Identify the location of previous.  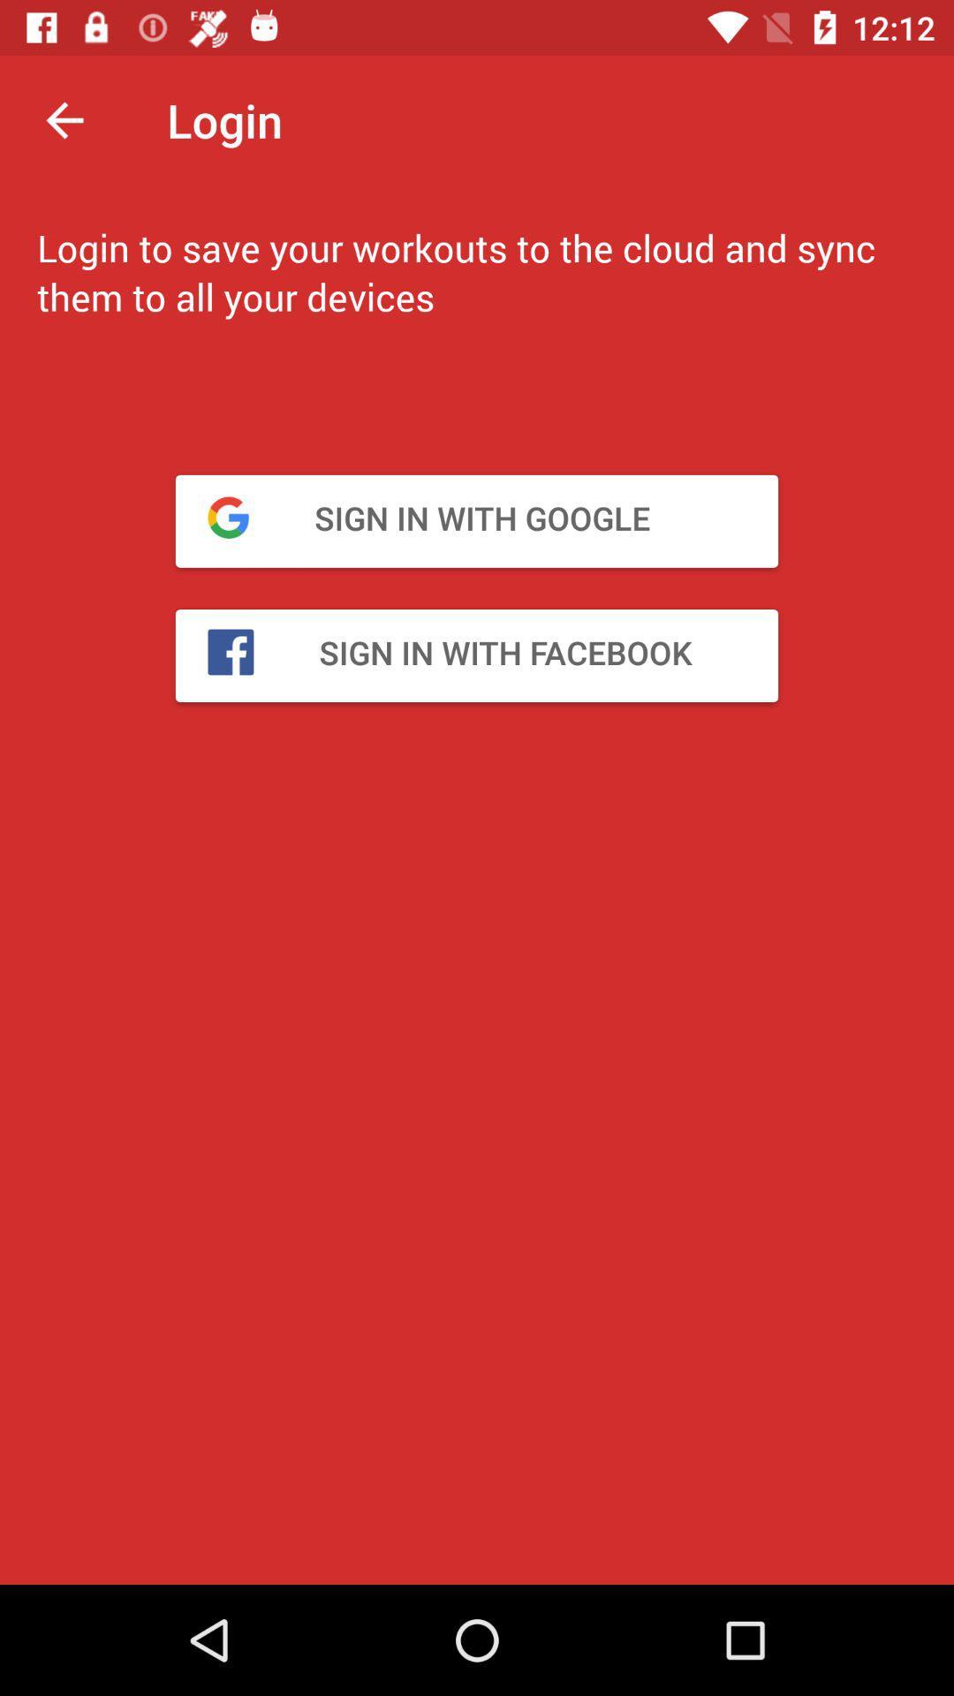
(64, 119).